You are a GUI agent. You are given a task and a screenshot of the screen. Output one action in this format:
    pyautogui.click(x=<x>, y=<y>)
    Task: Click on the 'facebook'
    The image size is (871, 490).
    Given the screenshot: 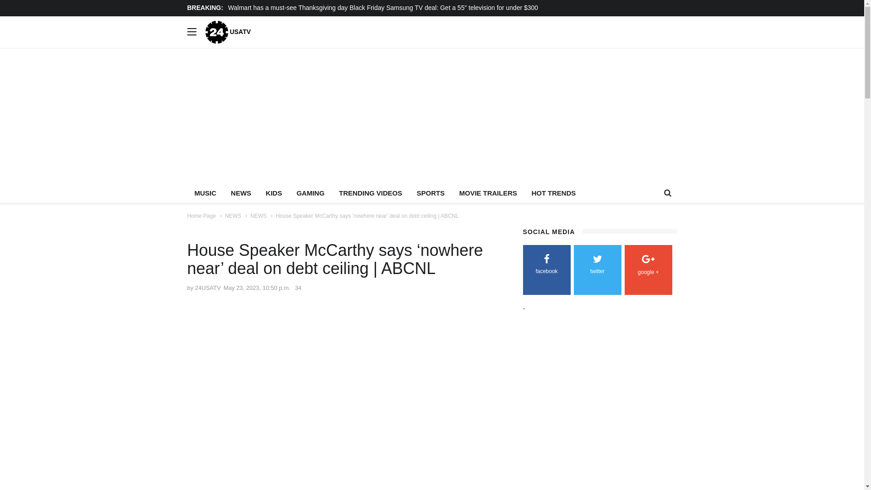 What is the action you would take?
    pyautogui.click(x=546, y=265)
    